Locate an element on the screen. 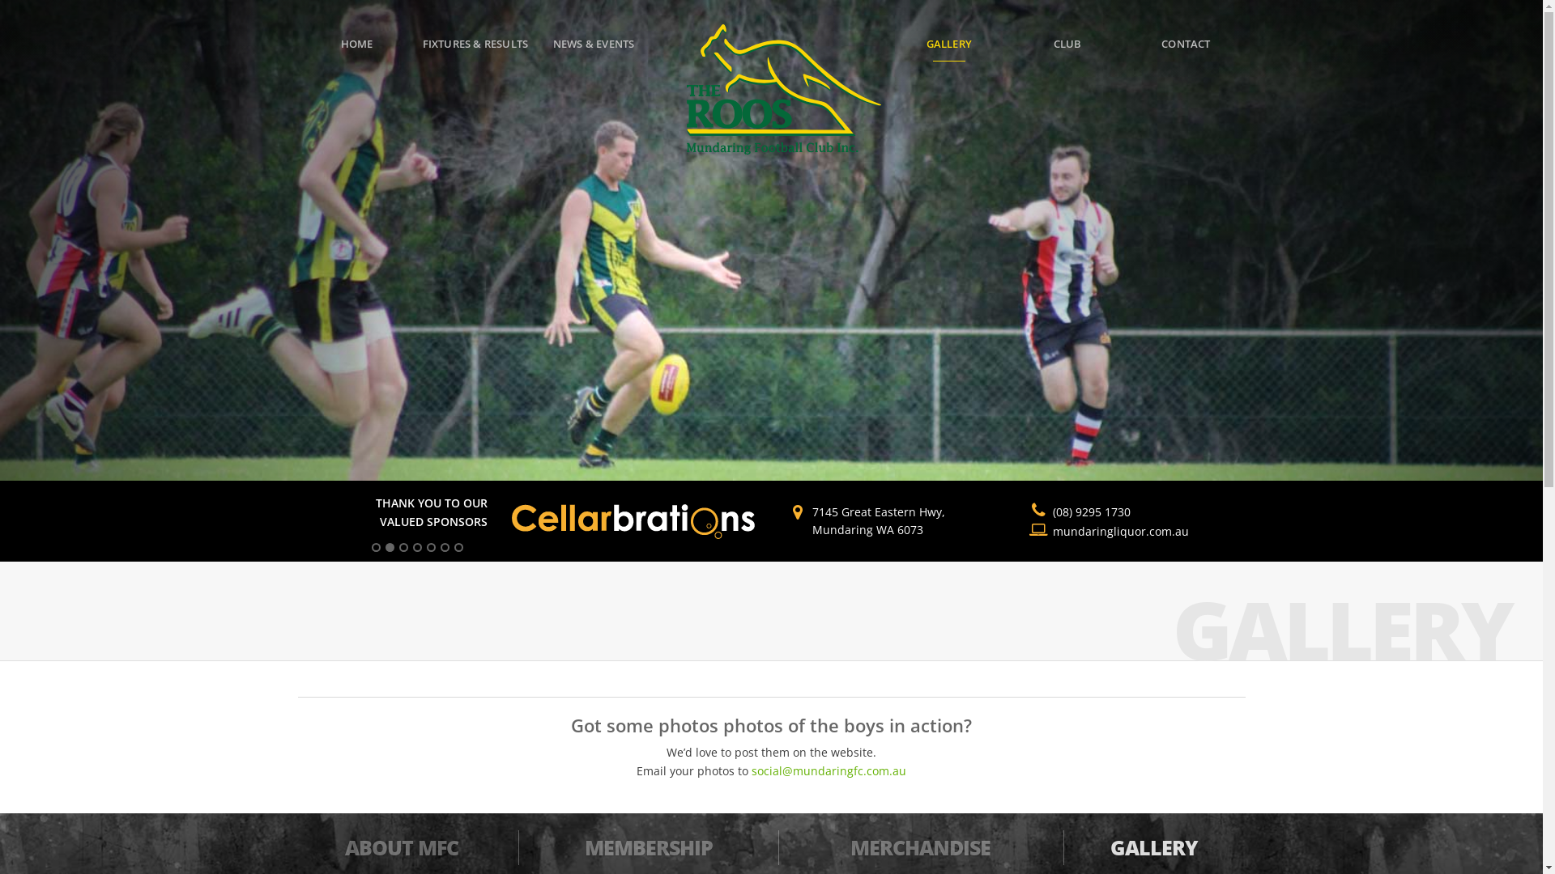 The width and height of the screenshot is (1555, 874). 'CONTACT' is located at coordinates (1186, 43).